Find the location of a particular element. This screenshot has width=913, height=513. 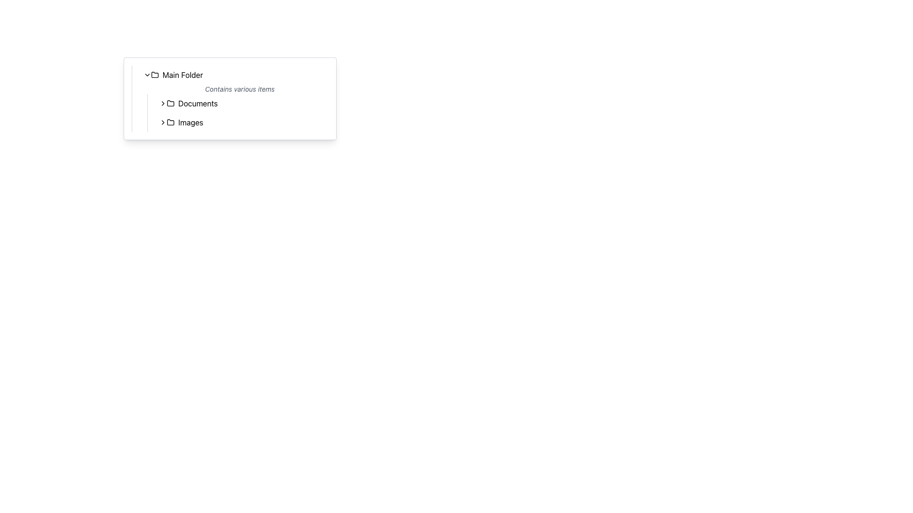

the text label reading 'Main Folder' is located at coordinates (183, 75).